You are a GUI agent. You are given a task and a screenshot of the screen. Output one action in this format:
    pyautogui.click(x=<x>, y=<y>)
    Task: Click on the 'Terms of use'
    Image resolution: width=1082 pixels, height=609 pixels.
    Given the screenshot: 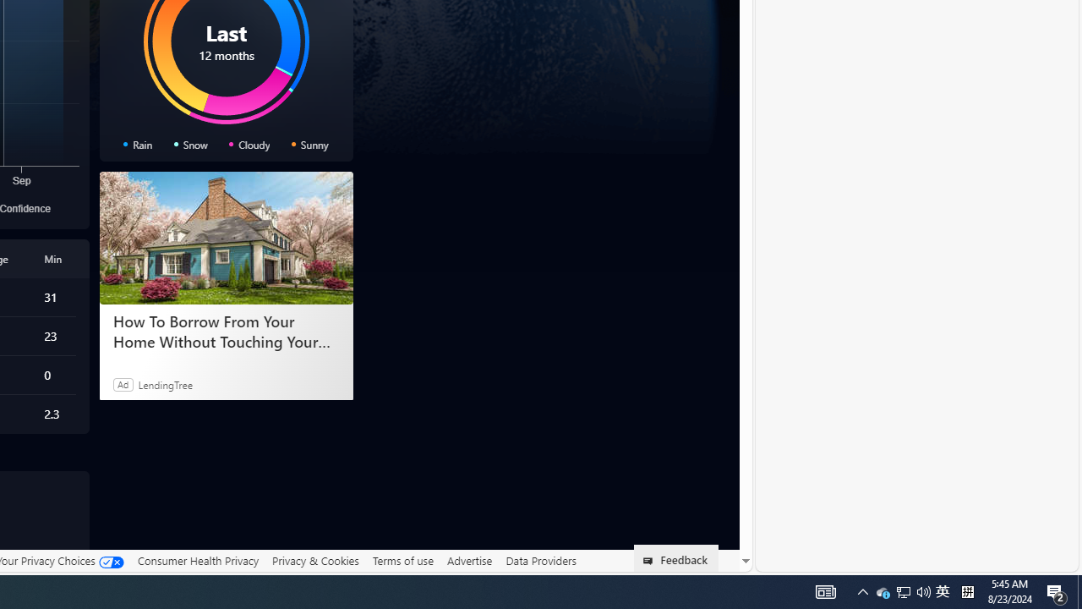 What is the action you would take?
    pyautogui.click(x=402, y=560)
    